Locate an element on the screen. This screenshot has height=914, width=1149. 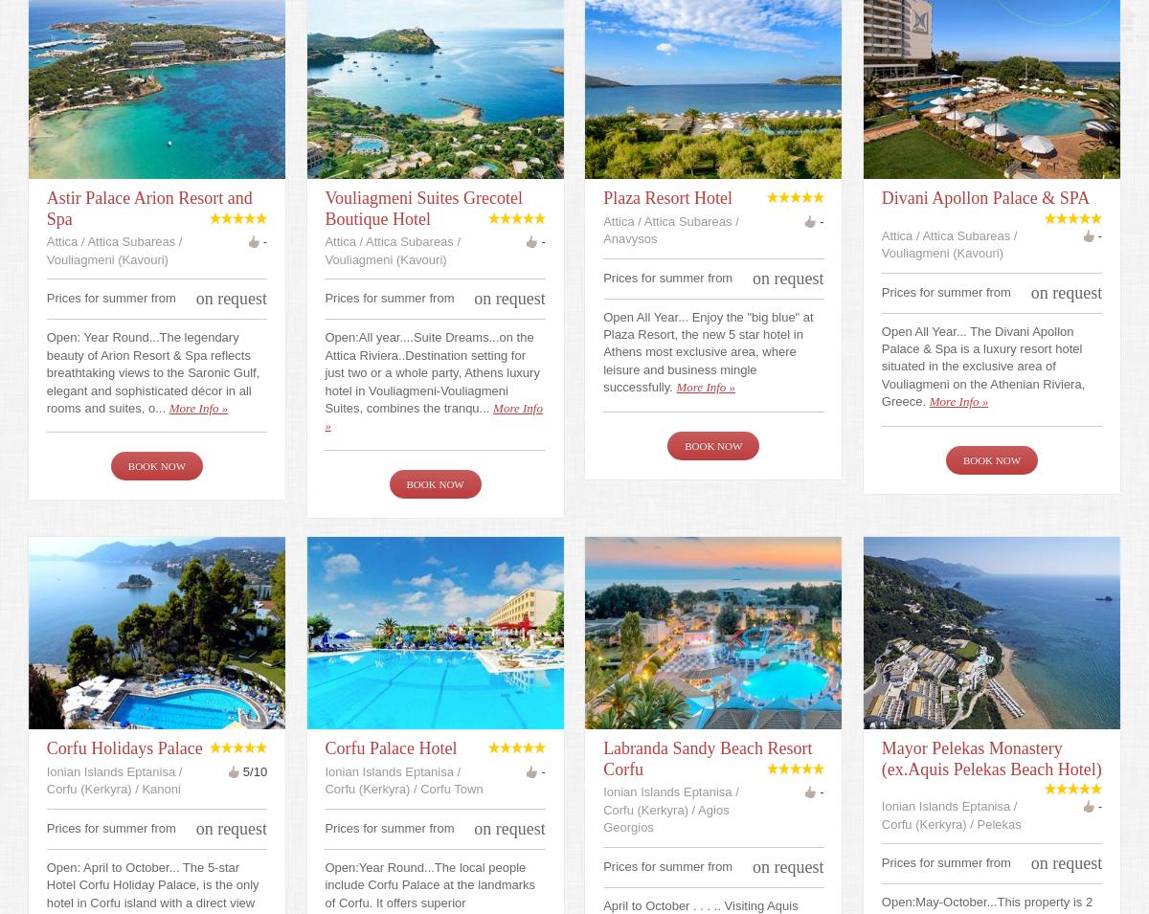
'Open: Year Round...The legendary beauty of Arion Resort & Spa reflects breathtaking views to the Saronic Gulf, elegant and sophisticated décor in all rooms and suites, o...' is located at coordinates (151, 370).